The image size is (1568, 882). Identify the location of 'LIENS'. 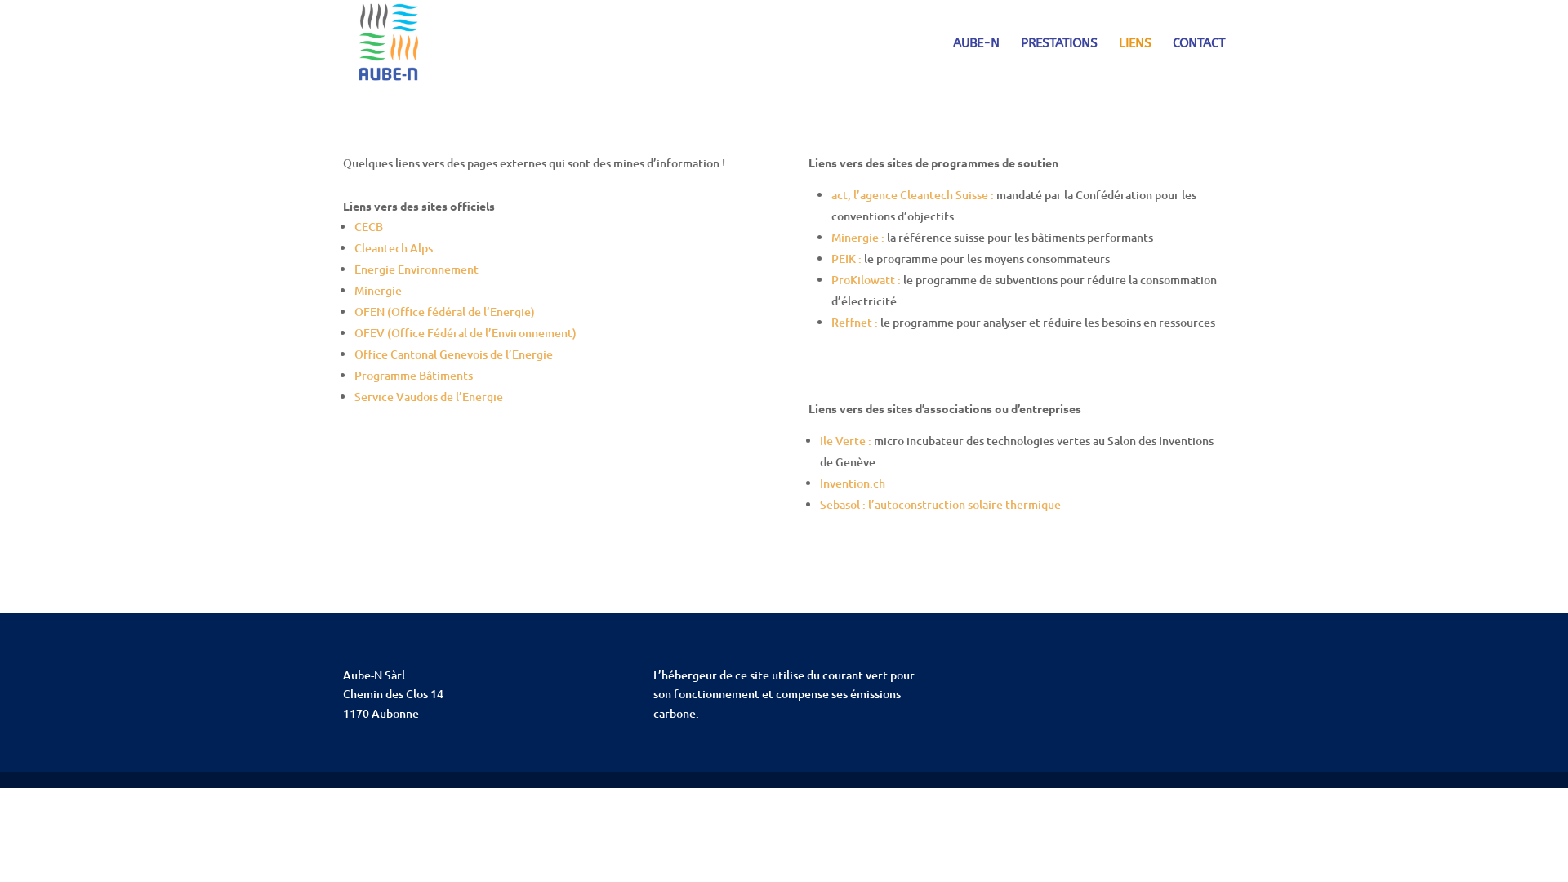
(1134, 61).